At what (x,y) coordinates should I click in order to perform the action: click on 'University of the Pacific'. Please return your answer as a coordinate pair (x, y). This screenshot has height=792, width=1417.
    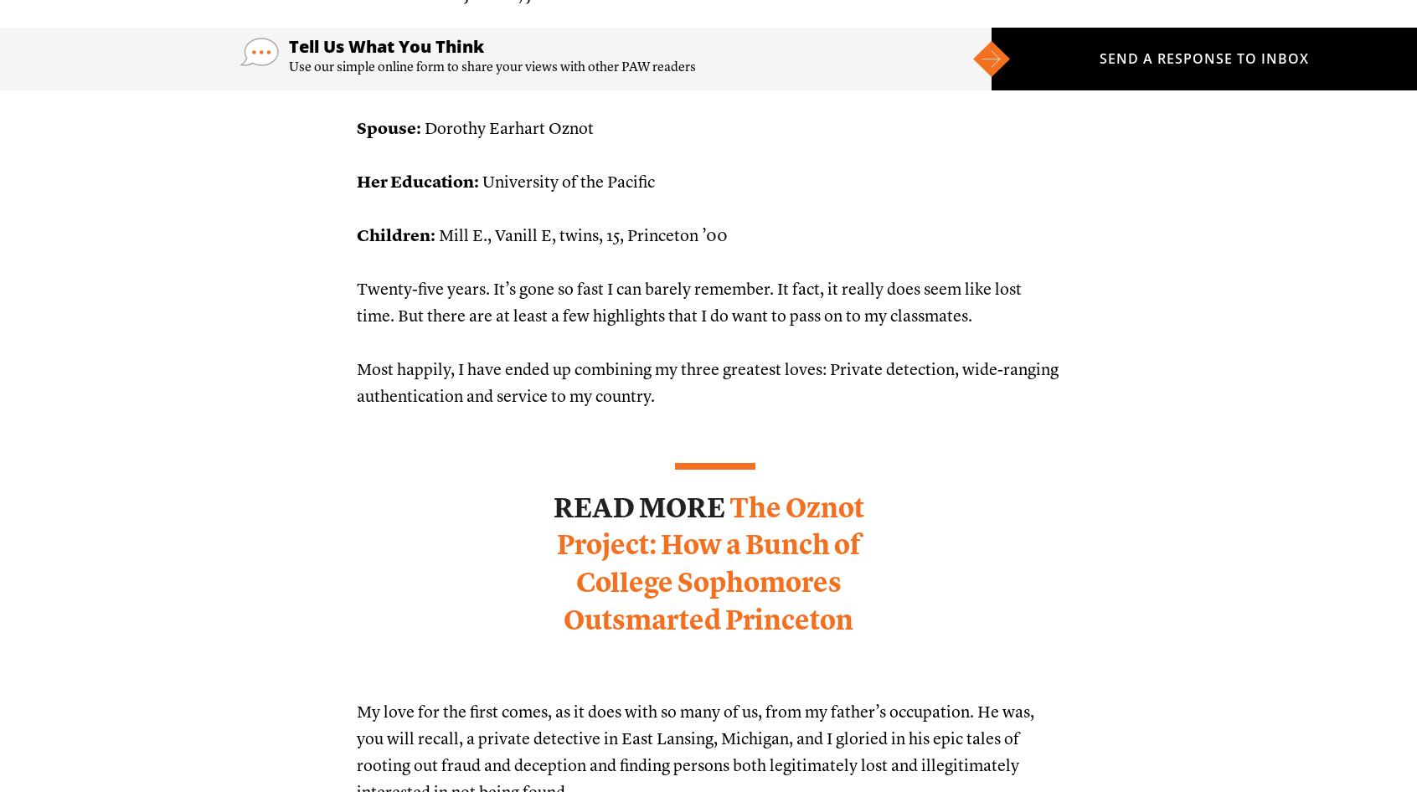
    Looking at the image, I should click on (566, 182).